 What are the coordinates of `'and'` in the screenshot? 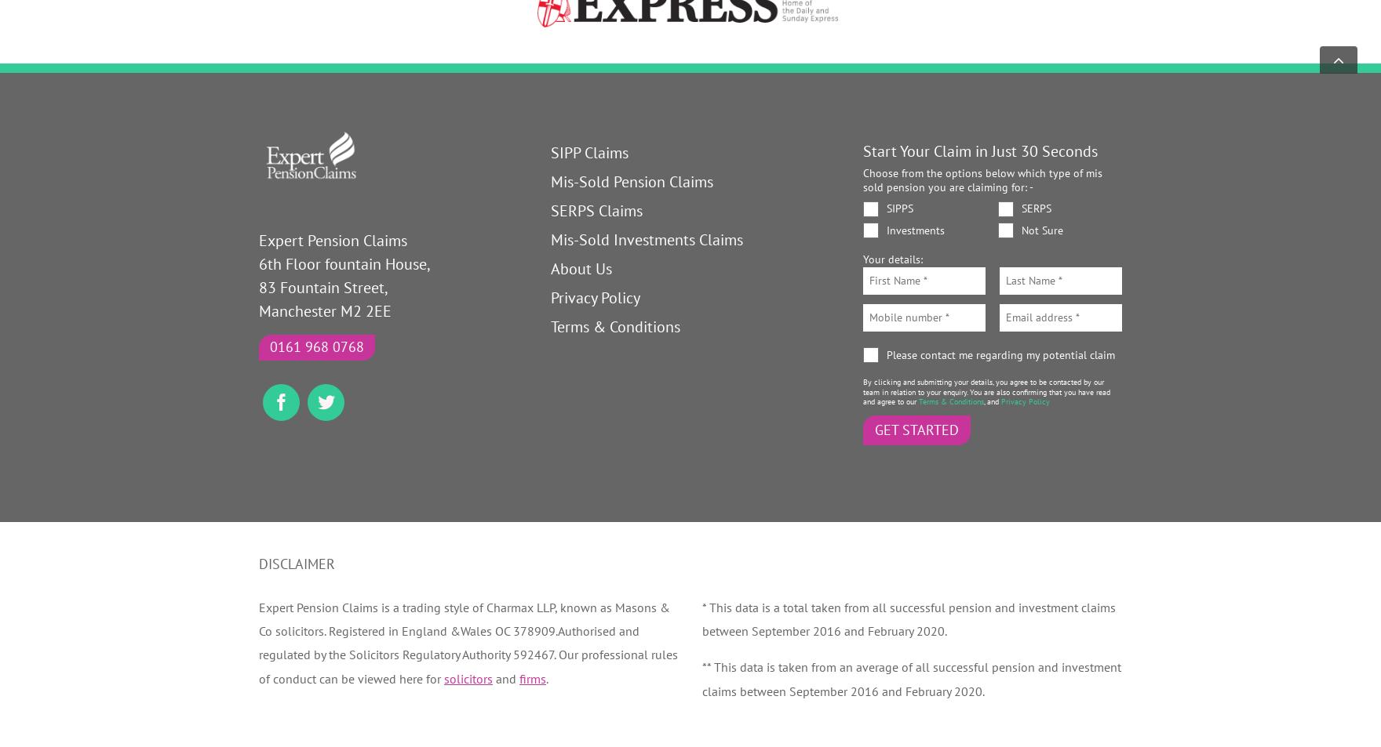 It's located at (492, 678).